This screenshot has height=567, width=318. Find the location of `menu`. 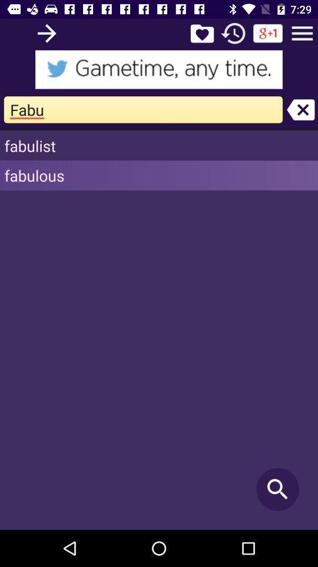

menu is located at coordinates (302, 32).